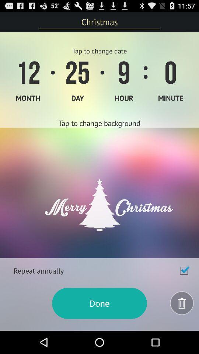 This screenshot has width=199, height=354. I want to click on trash item, so click(182, 303).